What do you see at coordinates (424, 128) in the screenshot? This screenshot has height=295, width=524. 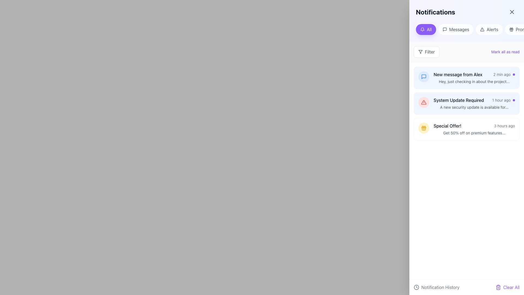 I see `the circular icon with a light yellow background and an orange gift box illustration, located in the leftmost column of the notification titled 'Special Offer!'` at bounding box center [424, 128].